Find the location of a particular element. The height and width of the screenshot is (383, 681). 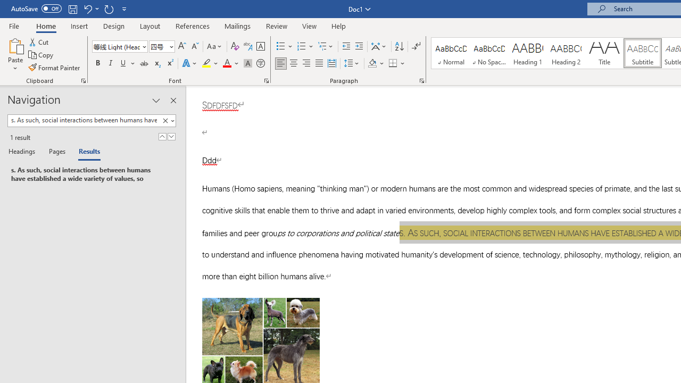

'References' is located at coordinates (193, 26).